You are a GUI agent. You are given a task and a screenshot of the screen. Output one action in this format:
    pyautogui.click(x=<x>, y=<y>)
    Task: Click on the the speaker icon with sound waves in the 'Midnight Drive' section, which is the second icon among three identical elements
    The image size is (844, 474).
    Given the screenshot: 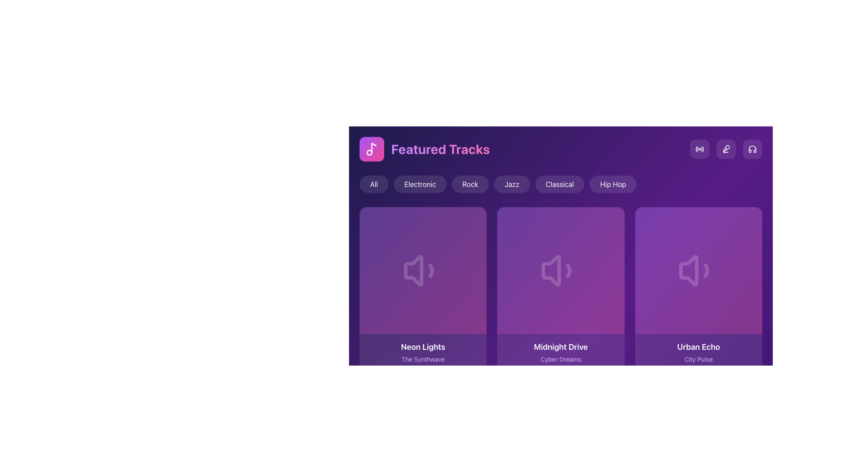 What is the action you would take?
    pyautogui.click(x=560, y=270)
    